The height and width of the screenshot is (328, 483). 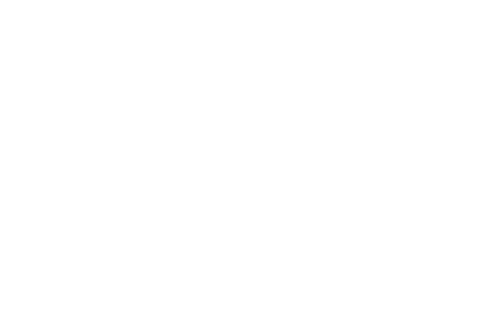 I want to click on 'Most Read', so click(x=327, y=76).